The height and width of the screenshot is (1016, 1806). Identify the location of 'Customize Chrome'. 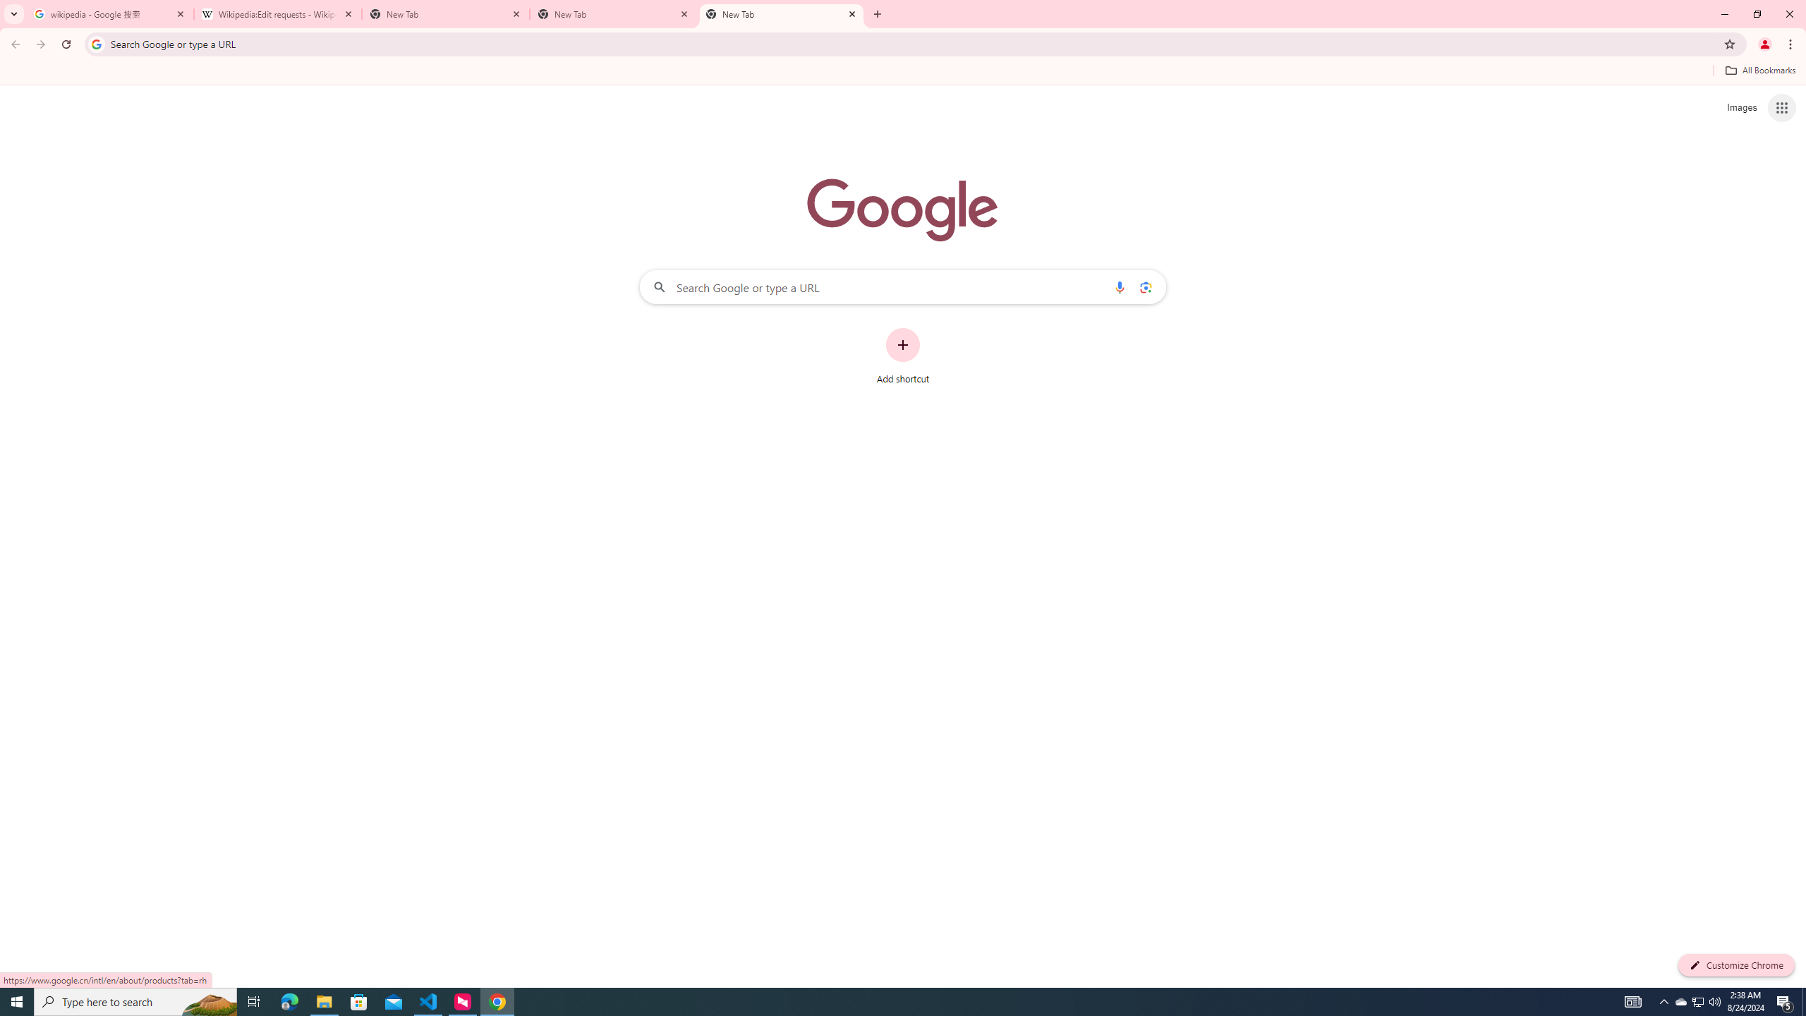
(1736, 964).